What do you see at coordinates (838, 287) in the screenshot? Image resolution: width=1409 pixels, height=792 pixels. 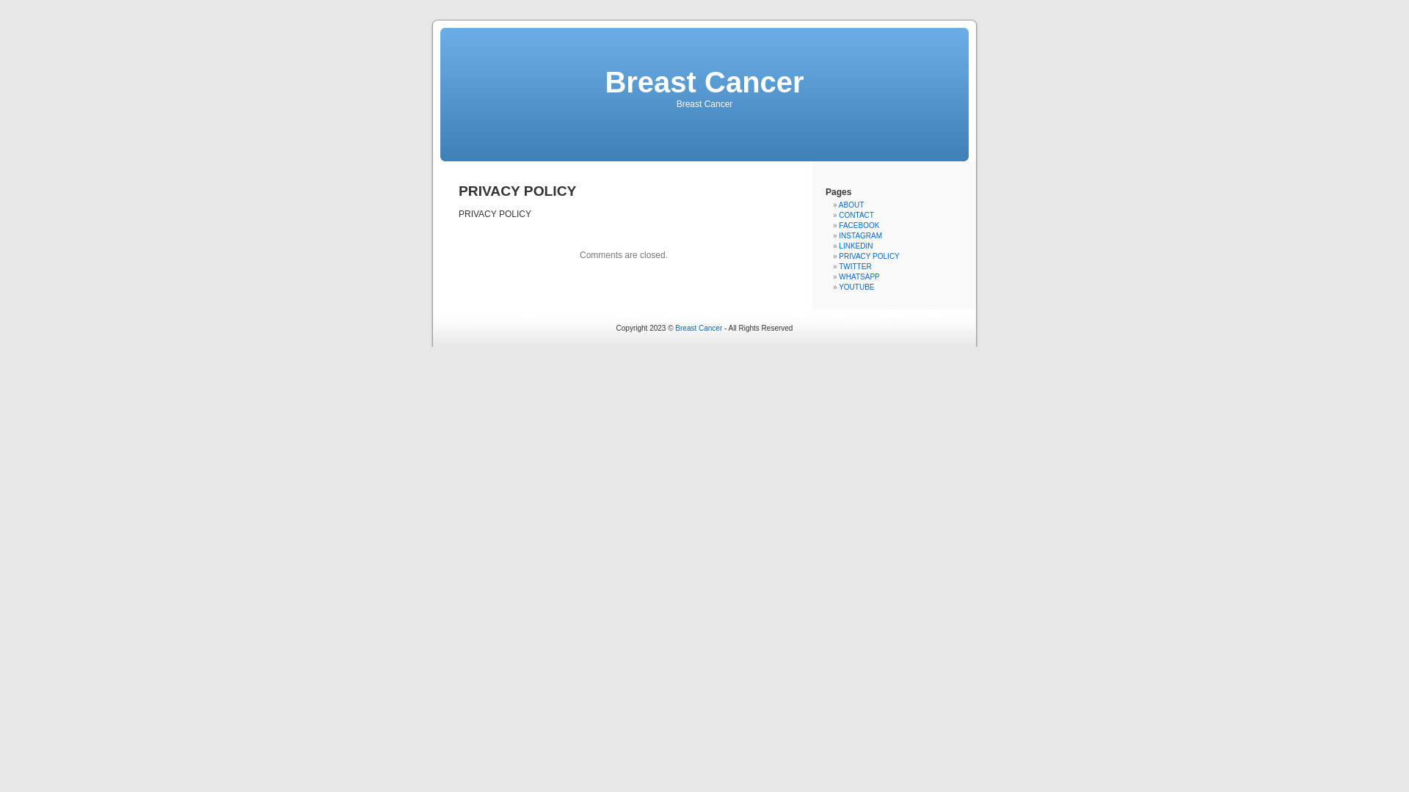 I see `'YOUTUBE'` at bounding box center [838, 287].